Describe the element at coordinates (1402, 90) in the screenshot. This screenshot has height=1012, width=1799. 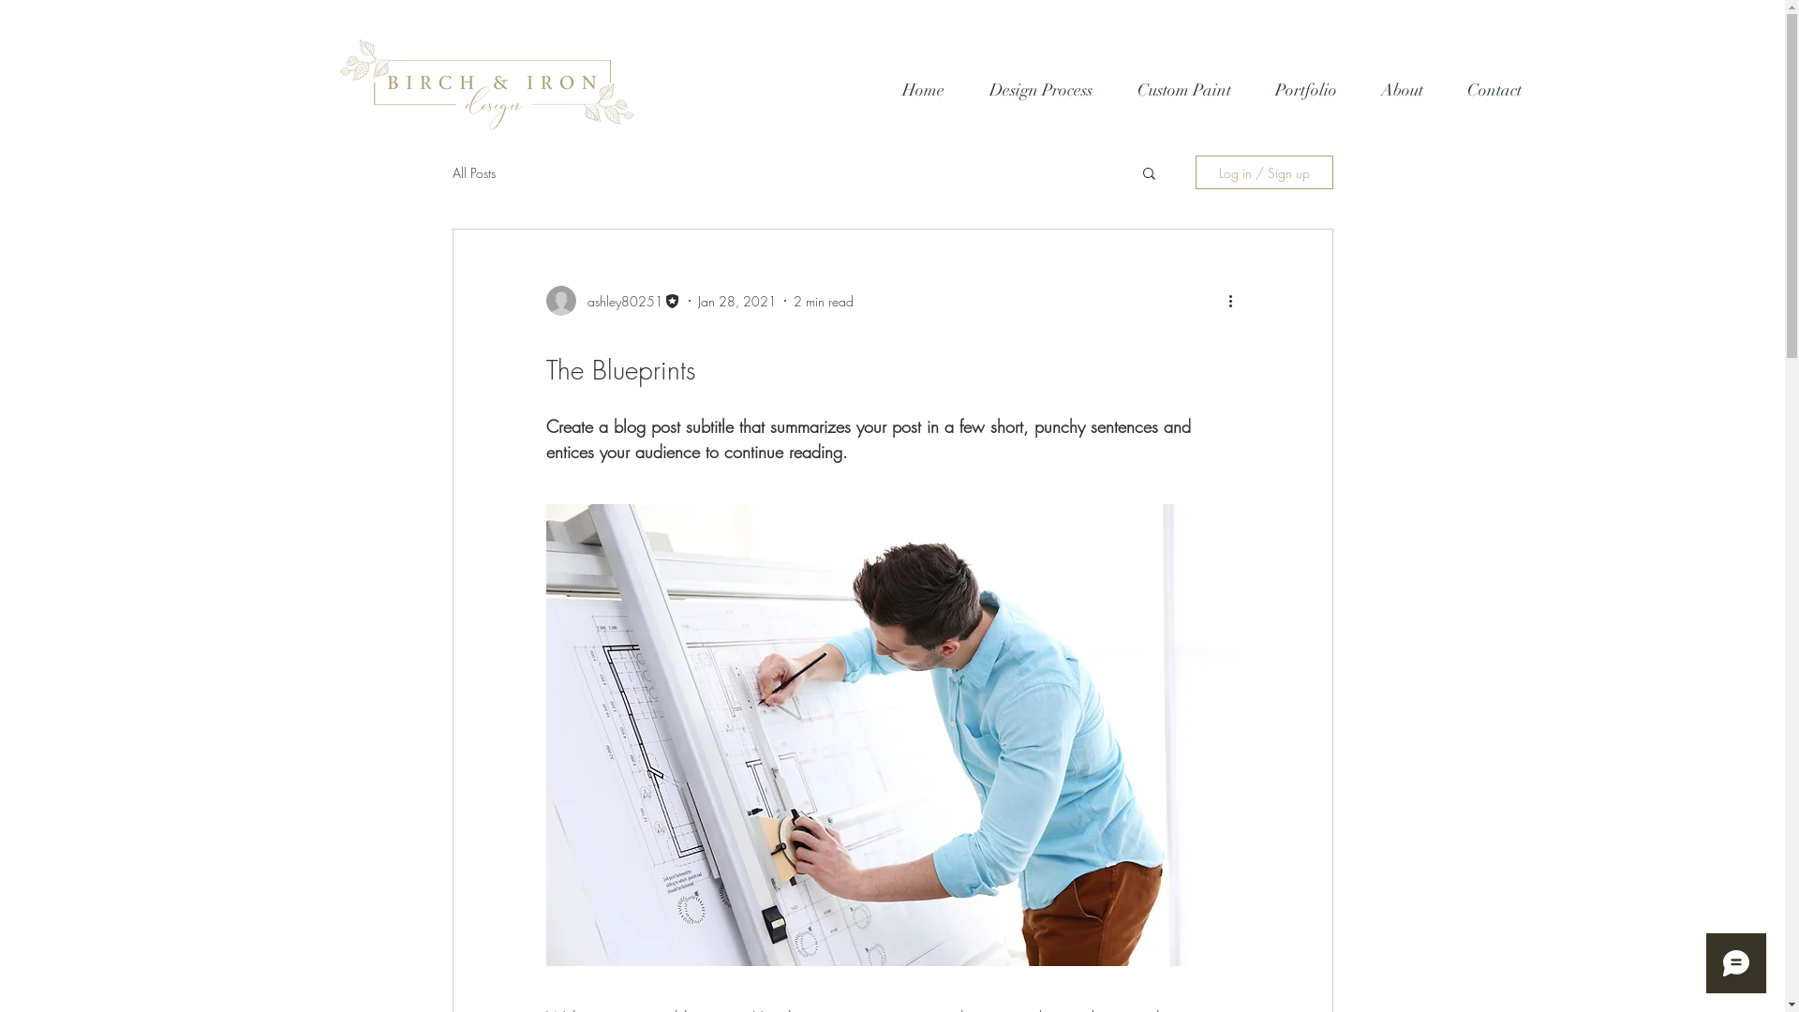
I see `'About'` at that location.